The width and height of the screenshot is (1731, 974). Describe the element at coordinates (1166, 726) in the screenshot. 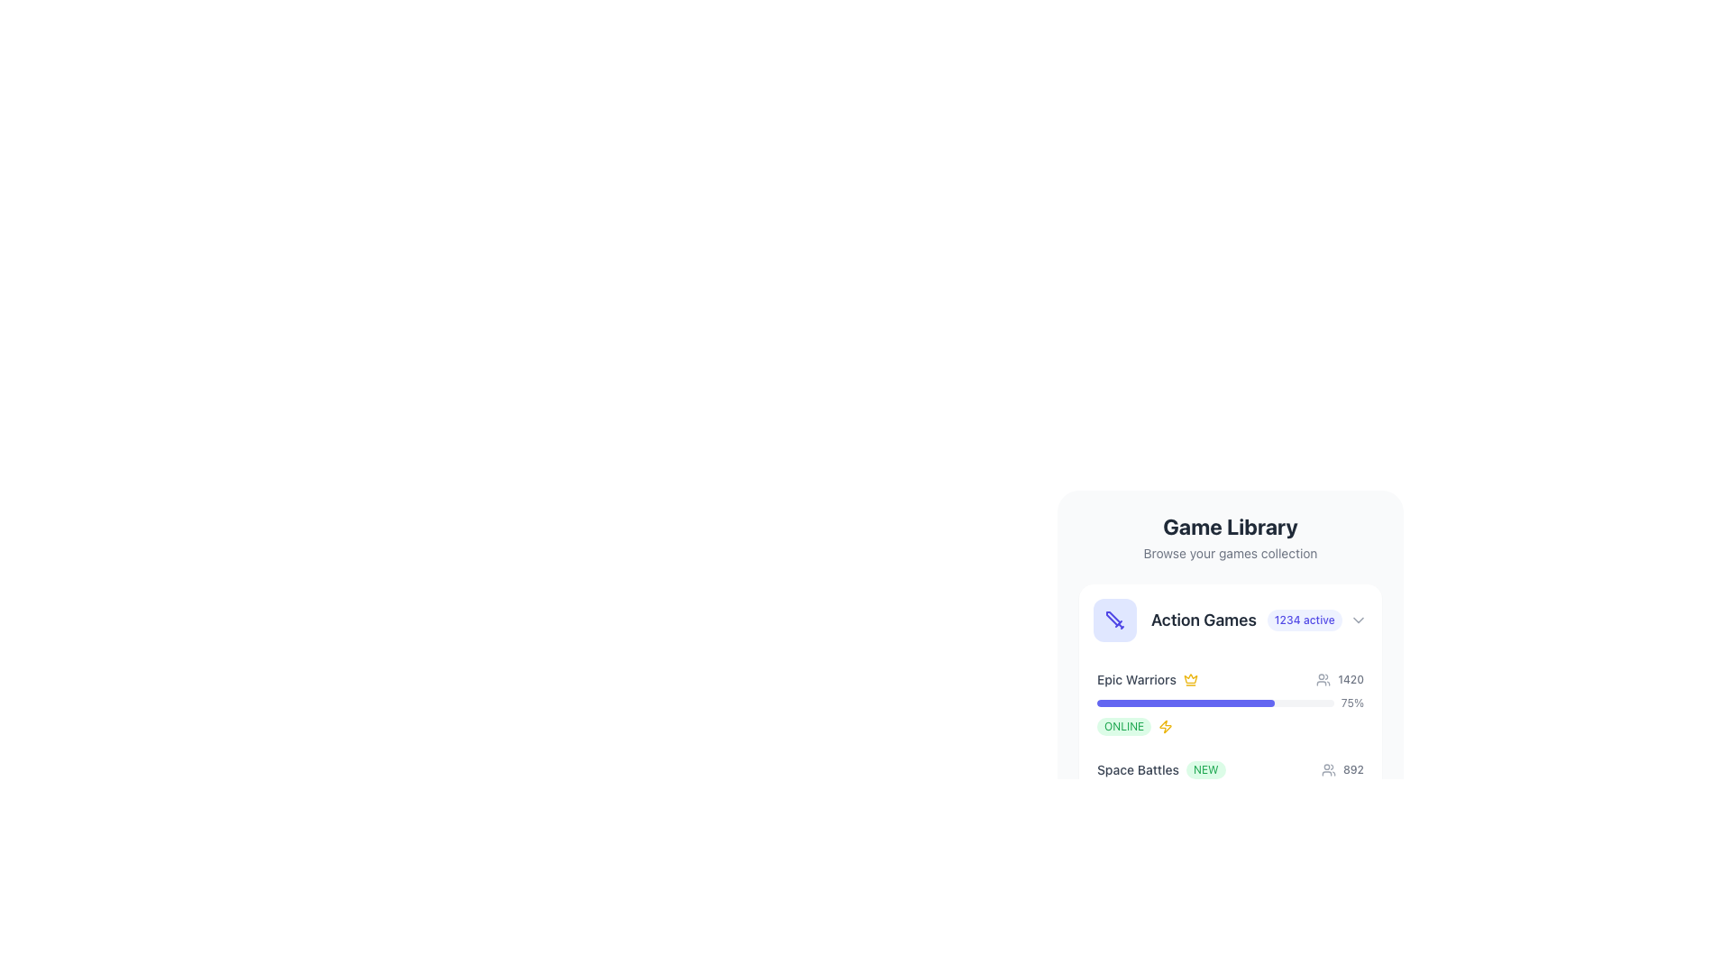

I see `the yellow lightning bolt icon, which is a minimalistic SVG graphic located in the top-right corner of the game-related section` at that location.